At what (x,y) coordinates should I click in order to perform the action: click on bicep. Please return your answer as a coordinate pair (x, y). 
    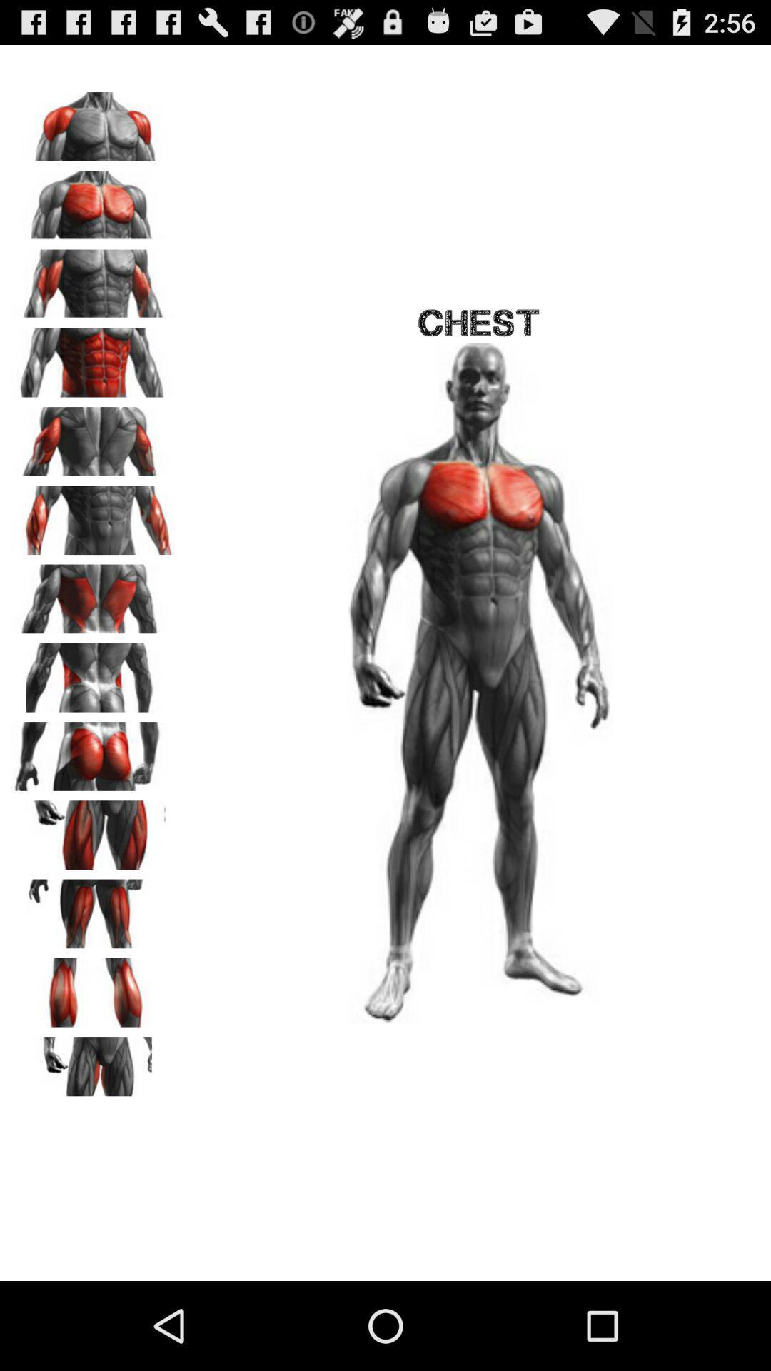
    Looking at the image, I should click on (94, 279).